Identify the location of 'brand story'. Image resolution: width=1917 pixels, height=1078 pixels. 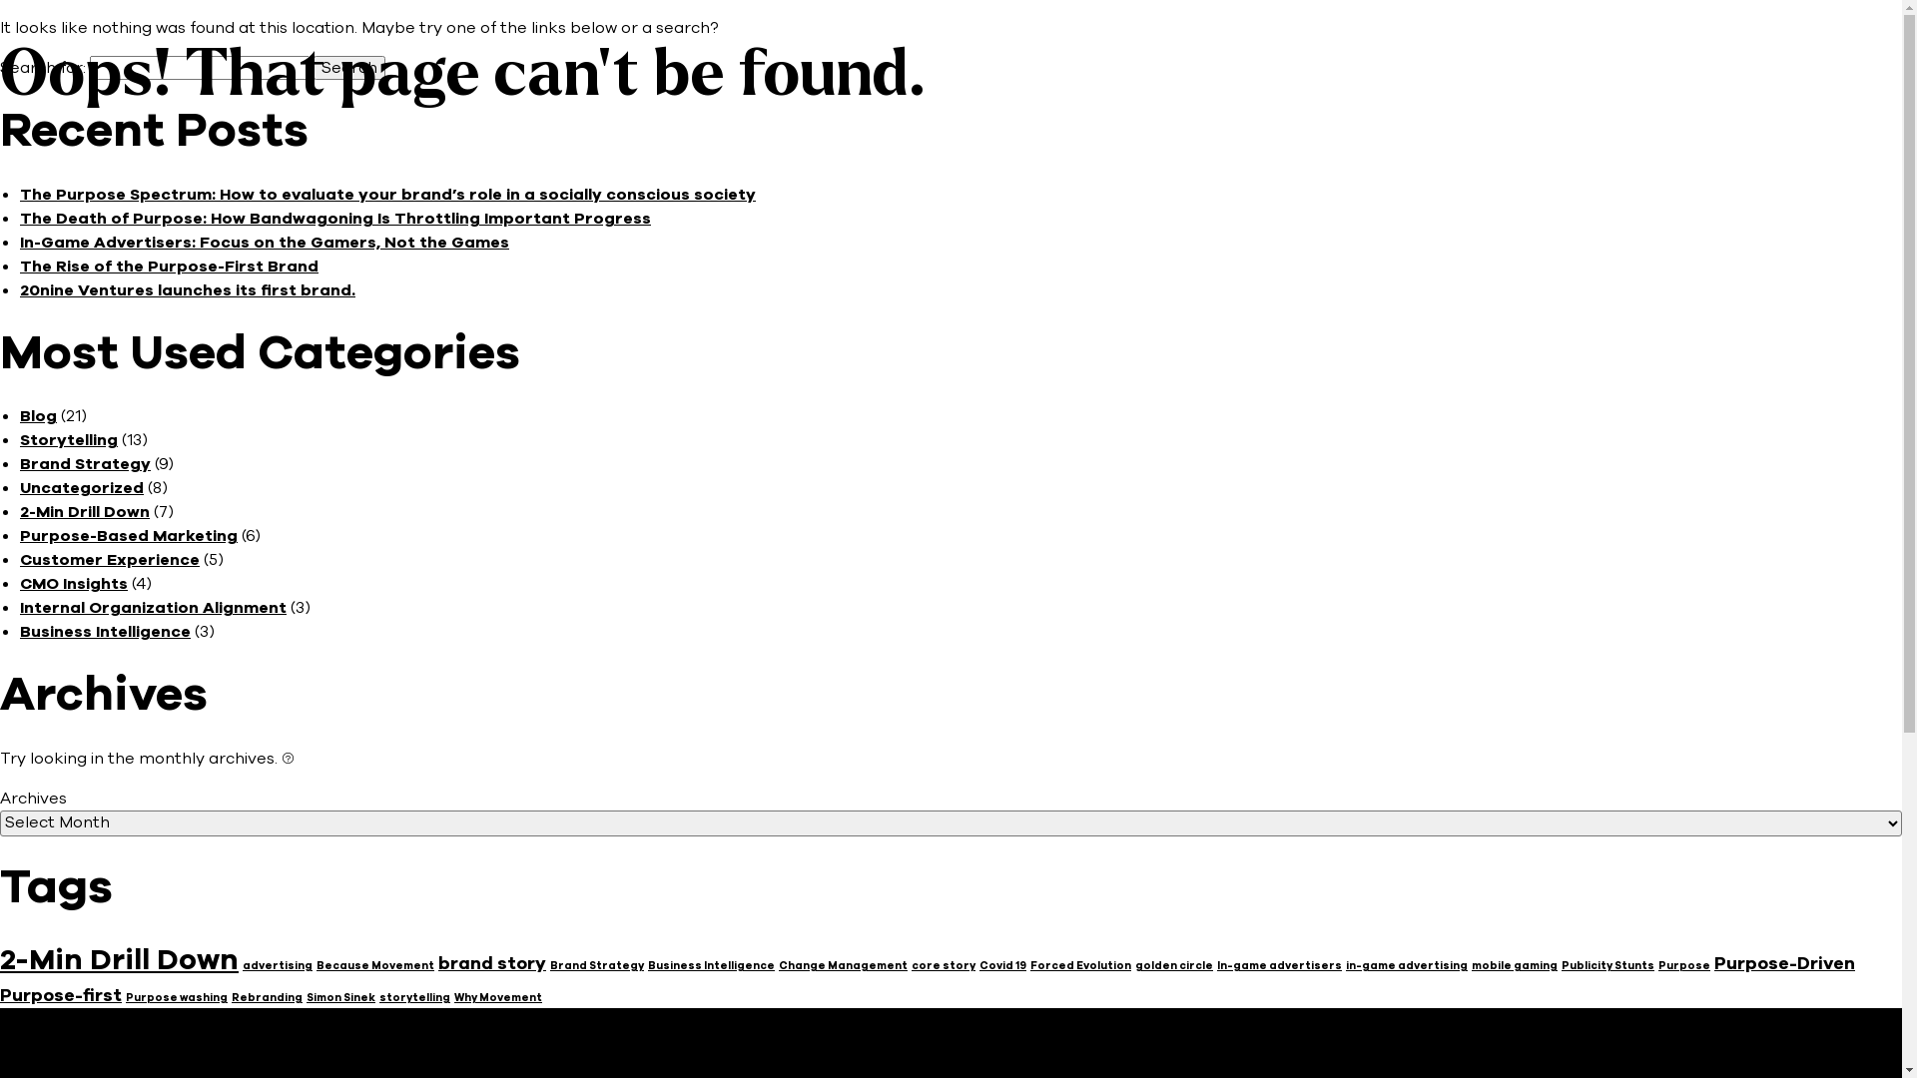
(492, 961).